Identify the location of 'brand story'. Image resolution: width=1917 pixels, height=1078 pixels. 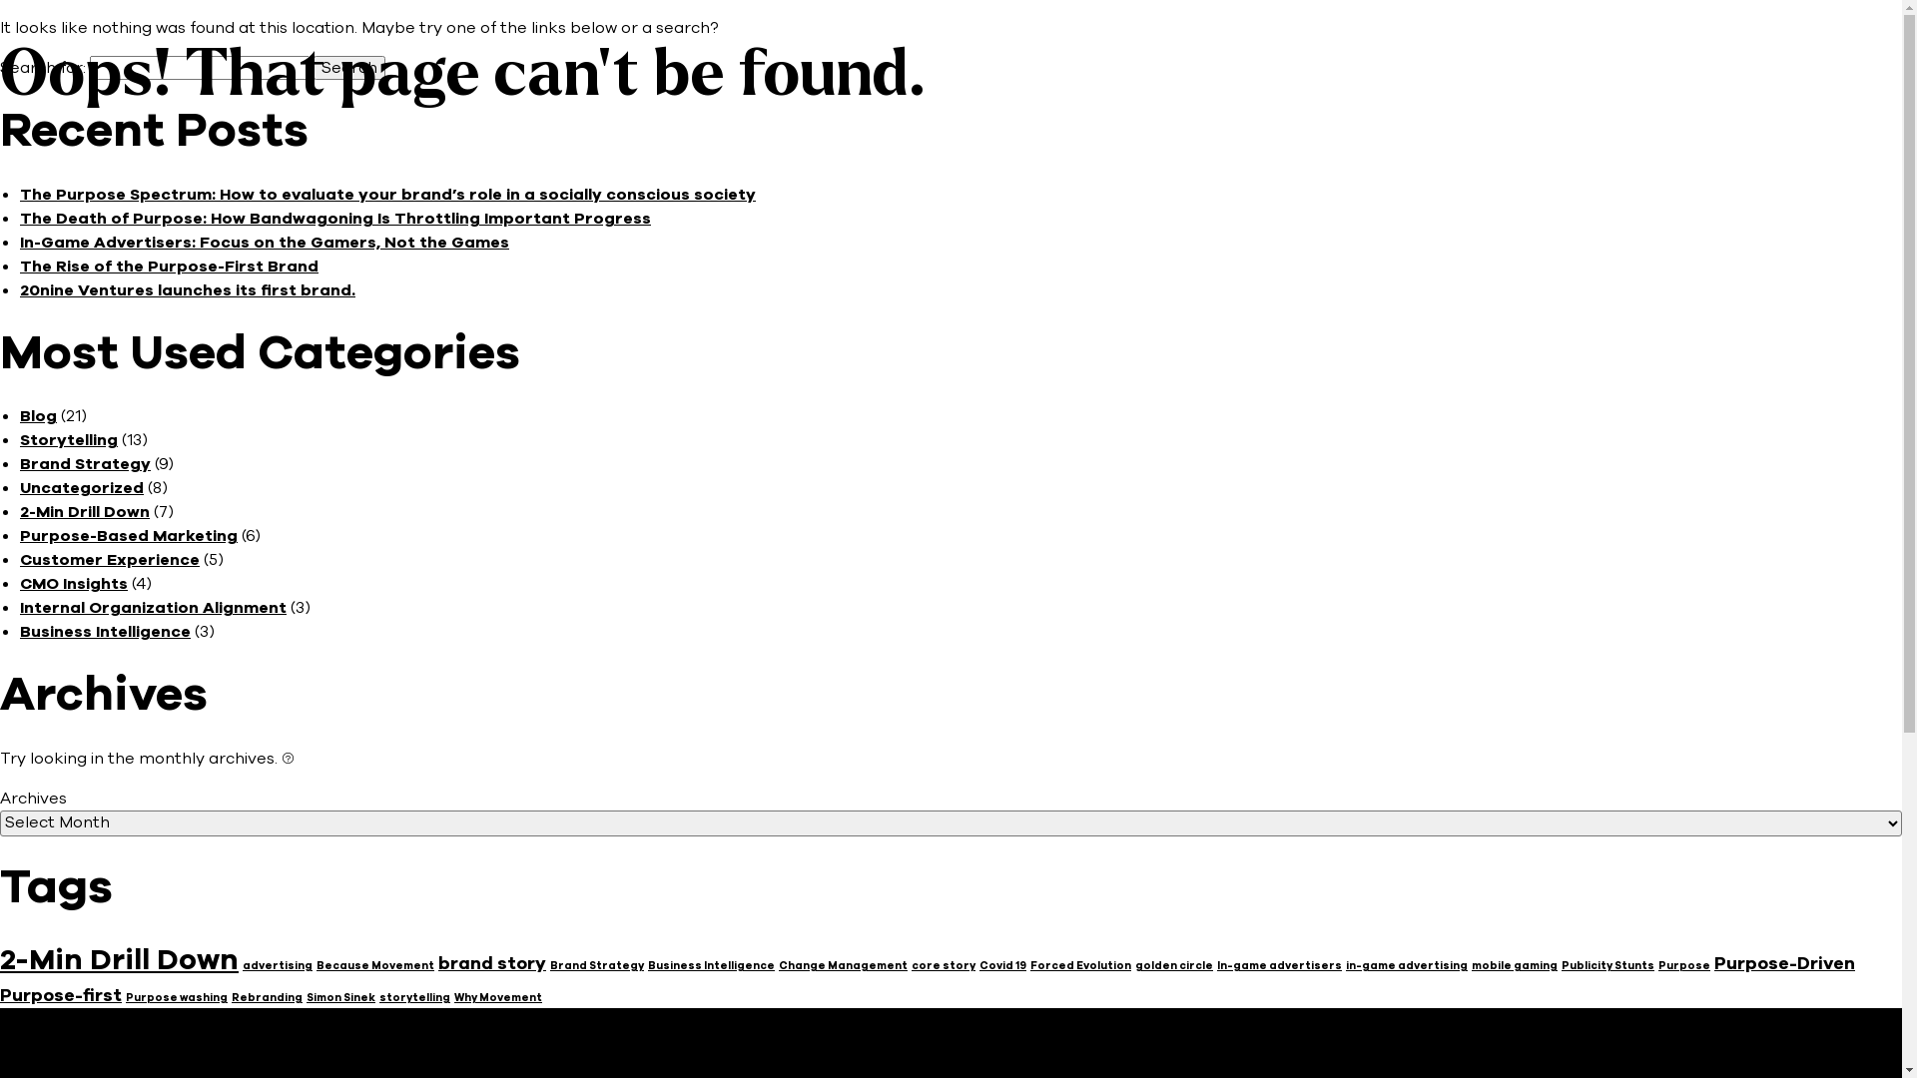
(492, 961).